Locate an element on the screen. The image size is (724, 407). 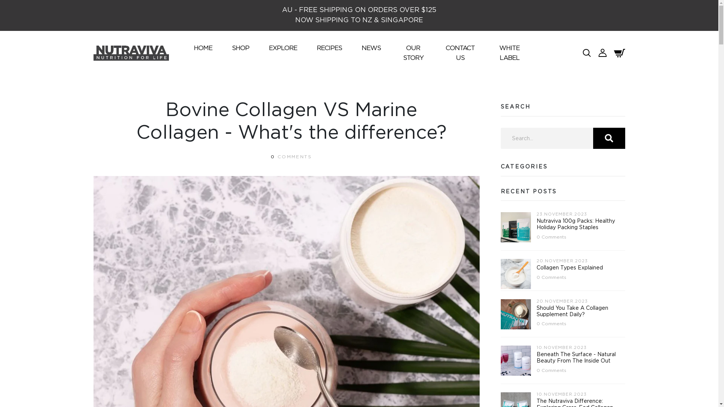
'image/svg+xml' is located at coordinates (602, 52).